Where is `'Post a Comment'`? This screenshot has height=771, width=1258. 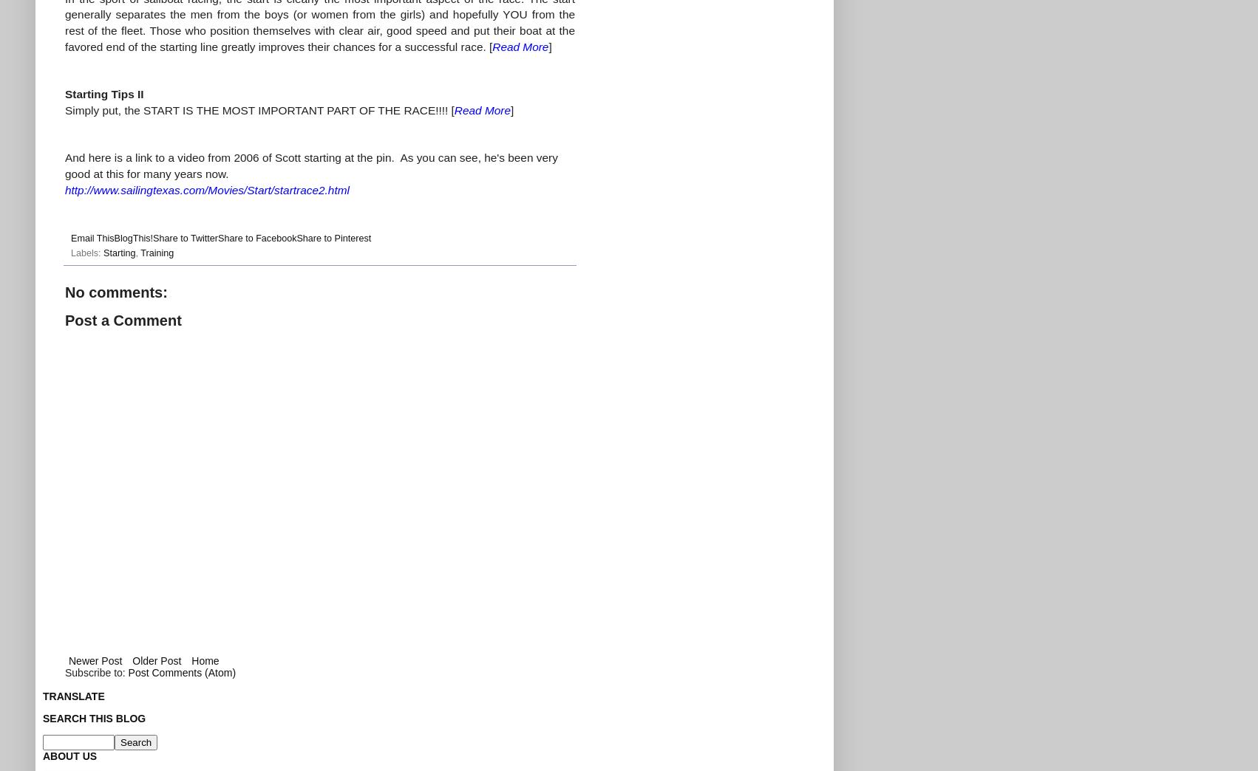
'Post a Comment' is located at coordinates (122, 319).